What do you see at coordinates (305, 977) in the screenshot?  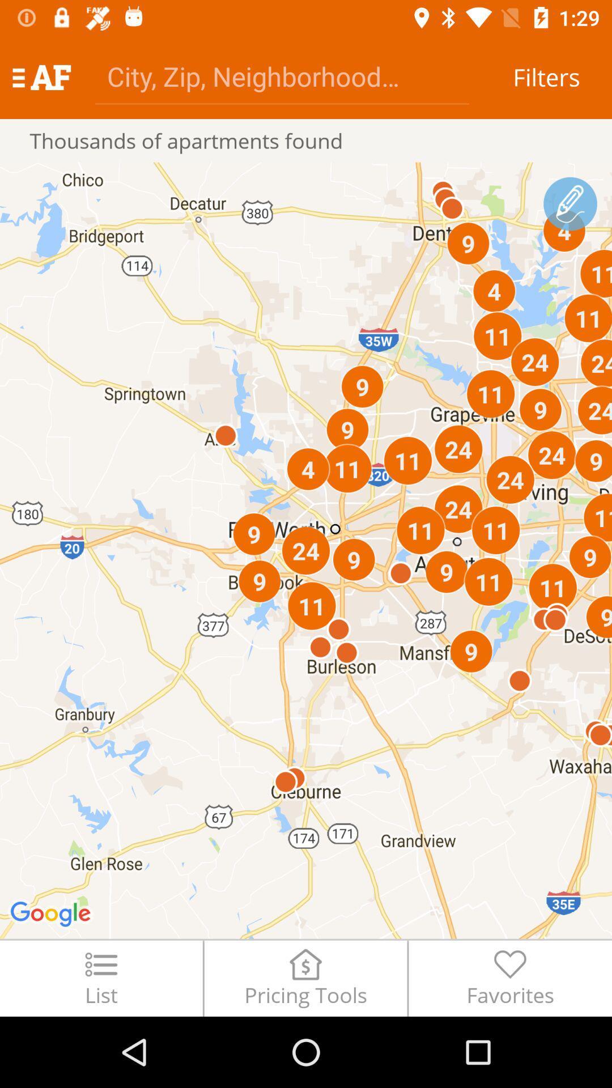 I see `item next to the list` at bounding box center [305, 977].